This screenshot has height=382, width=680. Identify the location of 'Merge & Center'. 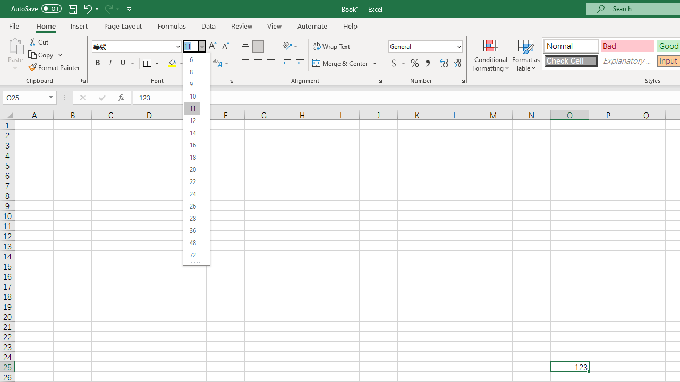
(341, 63).